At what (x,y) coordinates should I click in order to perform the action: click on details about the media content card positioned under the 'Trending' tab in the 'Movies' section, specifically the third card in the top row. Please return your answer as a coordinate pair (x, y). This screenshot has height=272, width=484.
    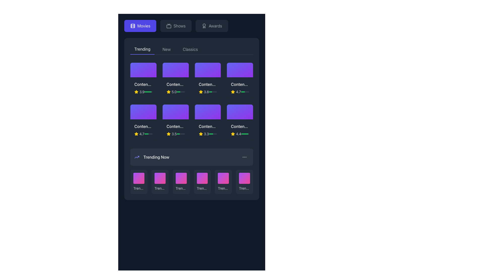
    Looking at the image, I should click on (208, 80).